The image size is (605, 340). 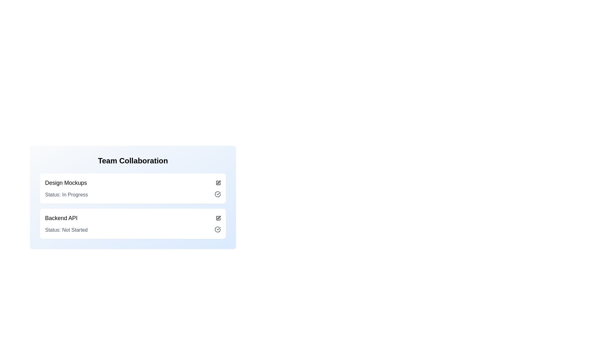 What do you see at coordinates (218, 229) in the screenshot?
I see `the Interactive icon or button to mark the status as completed, located to the right of the 'Status: Not Started' label in the 'Backend API' section` at bounding box center [218, 229].